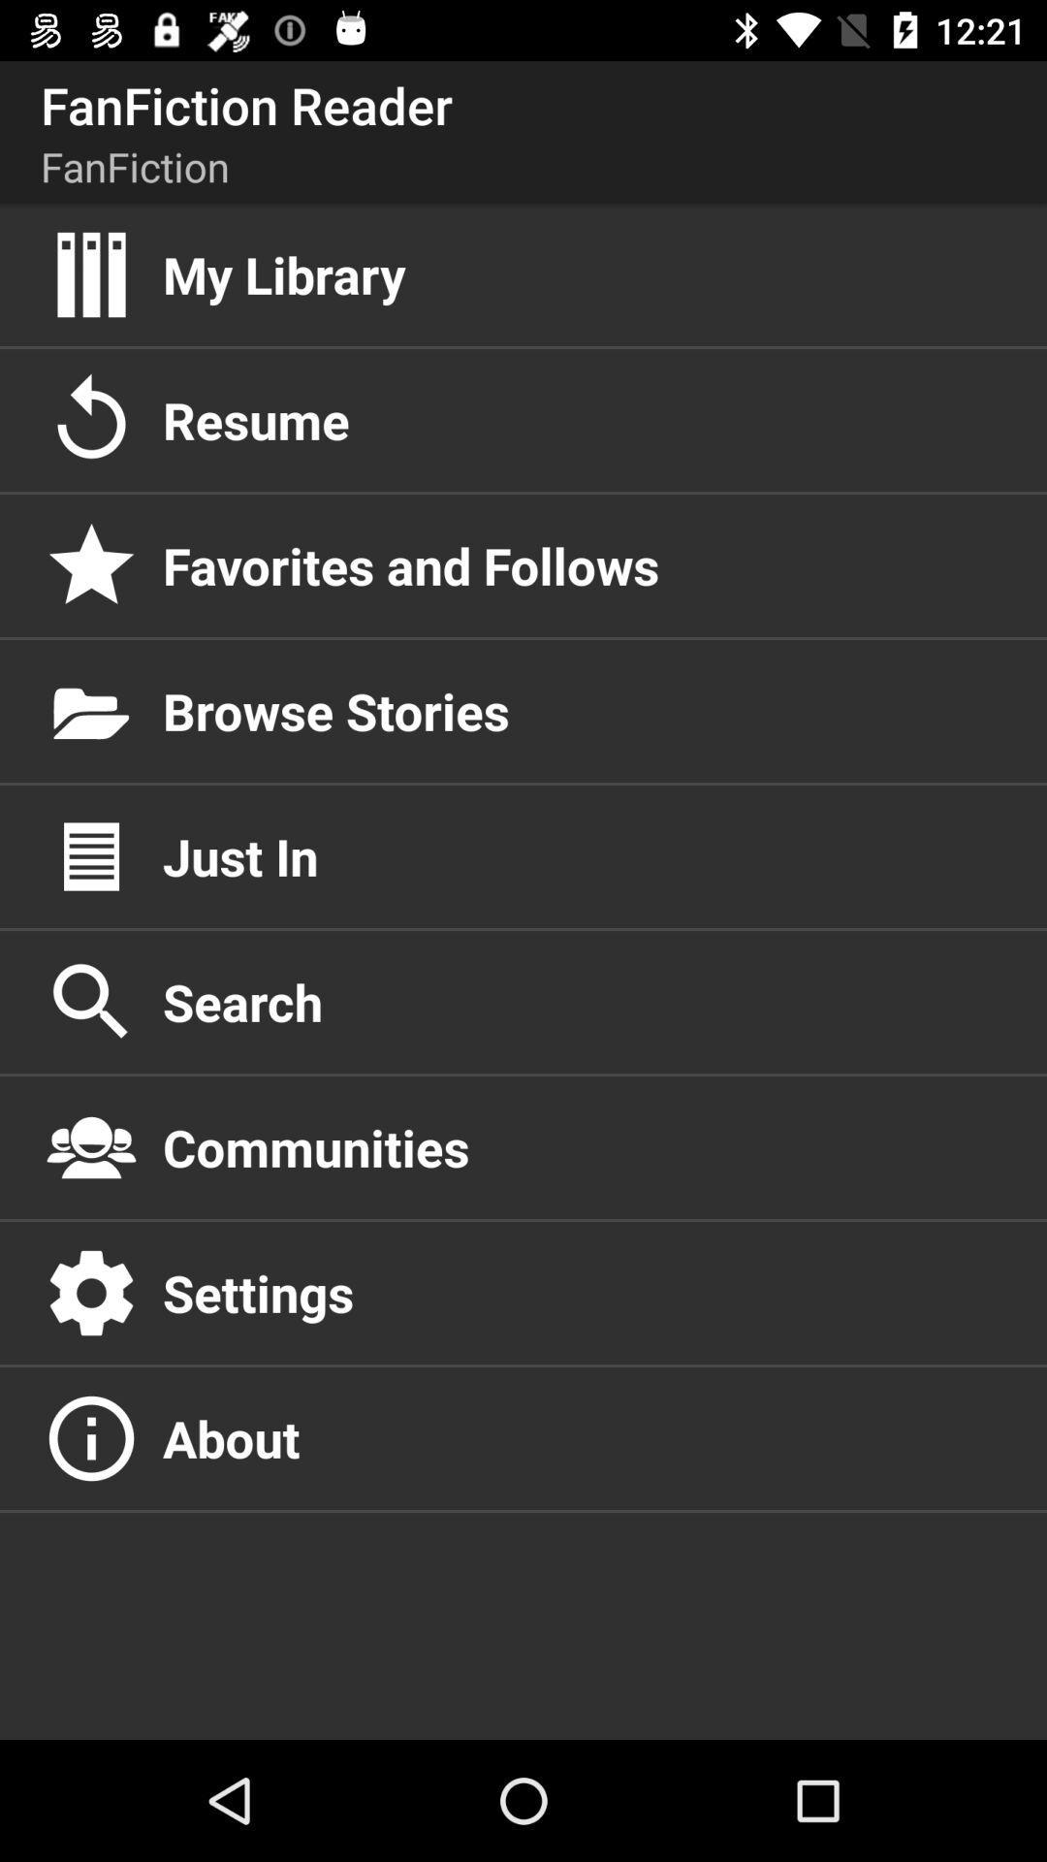  I want to click on the resume item, so click(583, 419).